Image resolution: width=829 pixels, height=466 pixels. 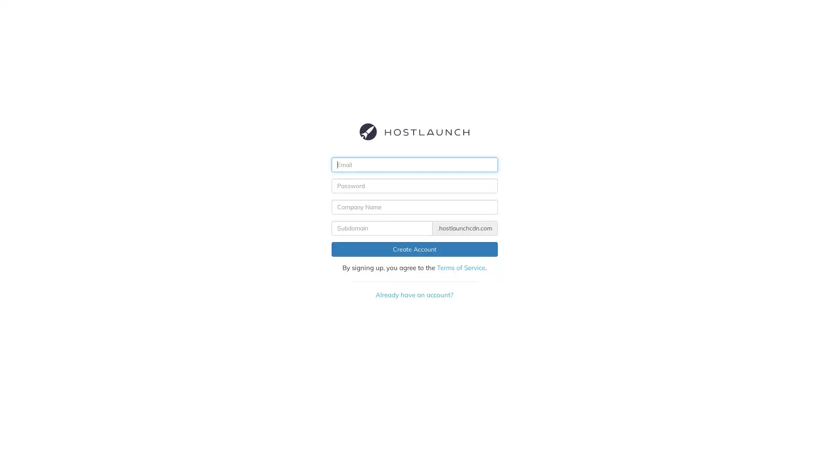 I want to click on Already have an account?, so click(x=414, y=294).